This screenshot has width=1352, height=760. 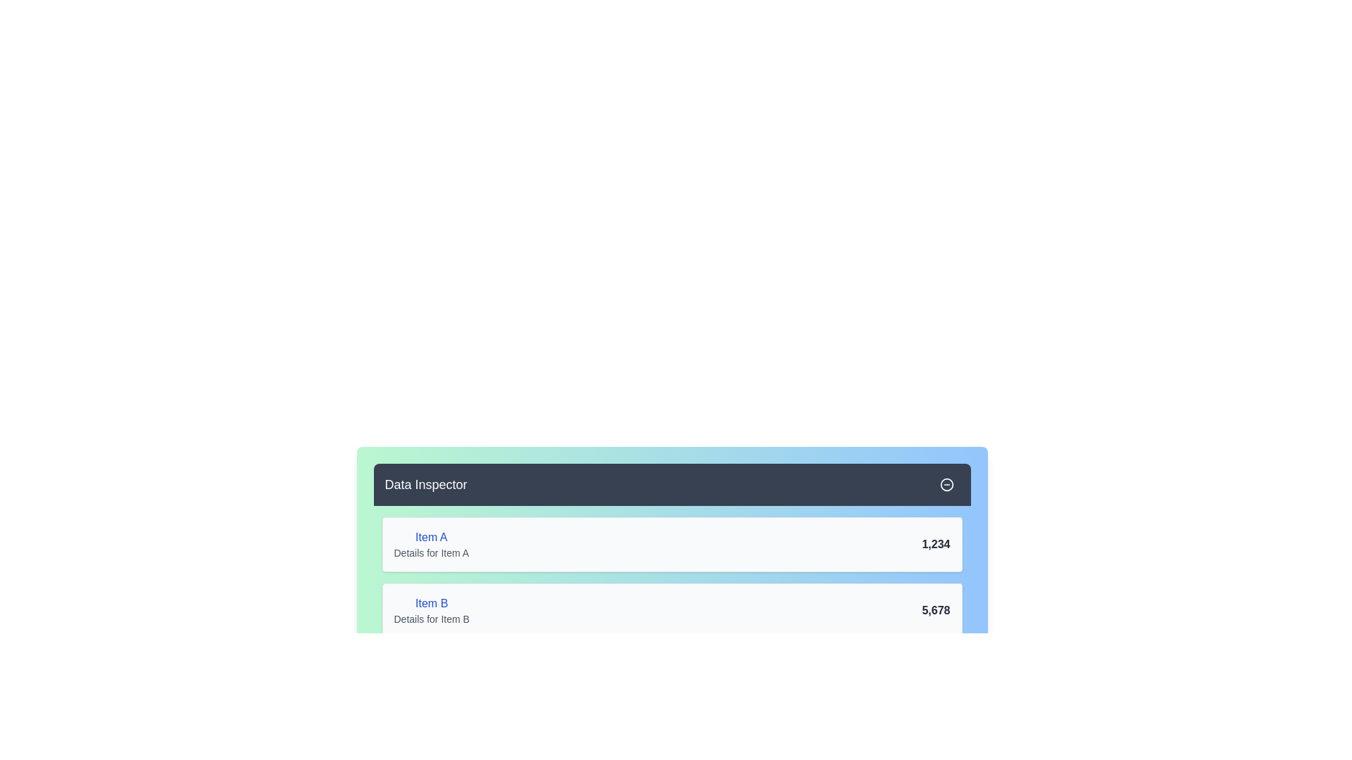 What do you see at coordinates (425, 484) in the screenshot?
I see `text of the title located in the top-left section of the horizontal header bar, which serves as a heading for the section` at bounding box center [425, 484].